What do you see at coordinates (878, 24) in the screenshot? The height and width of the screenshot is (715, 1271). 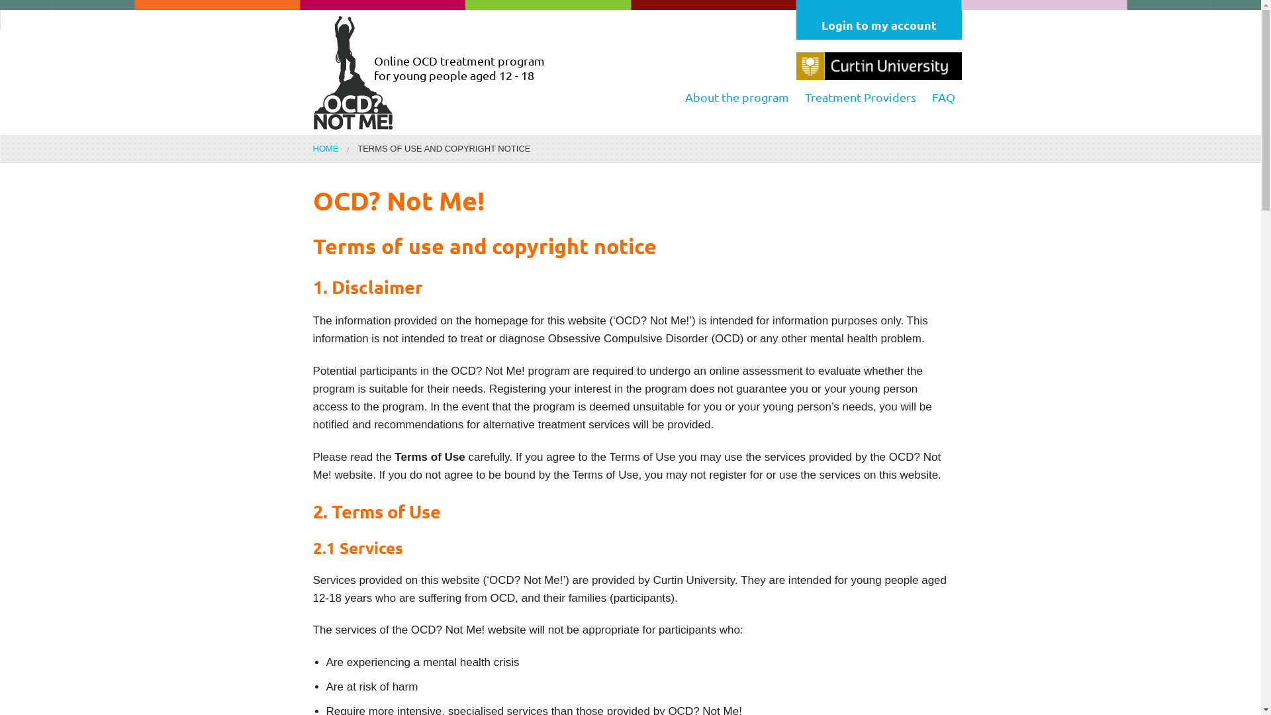 I see `'Login to my account'` at bounding box center [878, 24].